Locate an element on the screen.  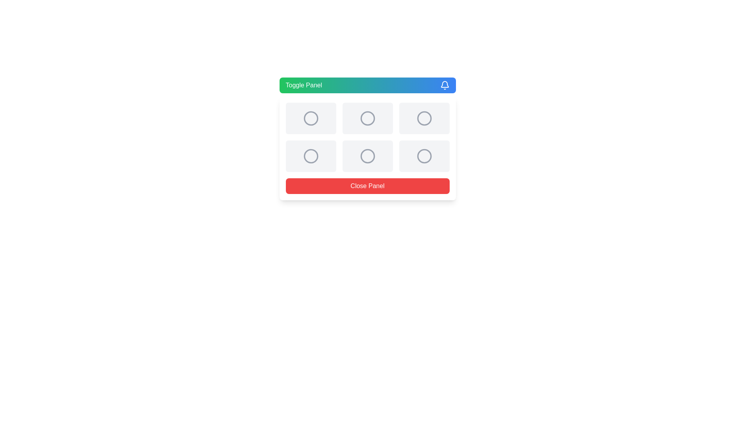
the Card component, which is a rectangular card with rounded corners and a centered circular icon, located in the first row and first column of the grid is located at coordinates (310, 118).